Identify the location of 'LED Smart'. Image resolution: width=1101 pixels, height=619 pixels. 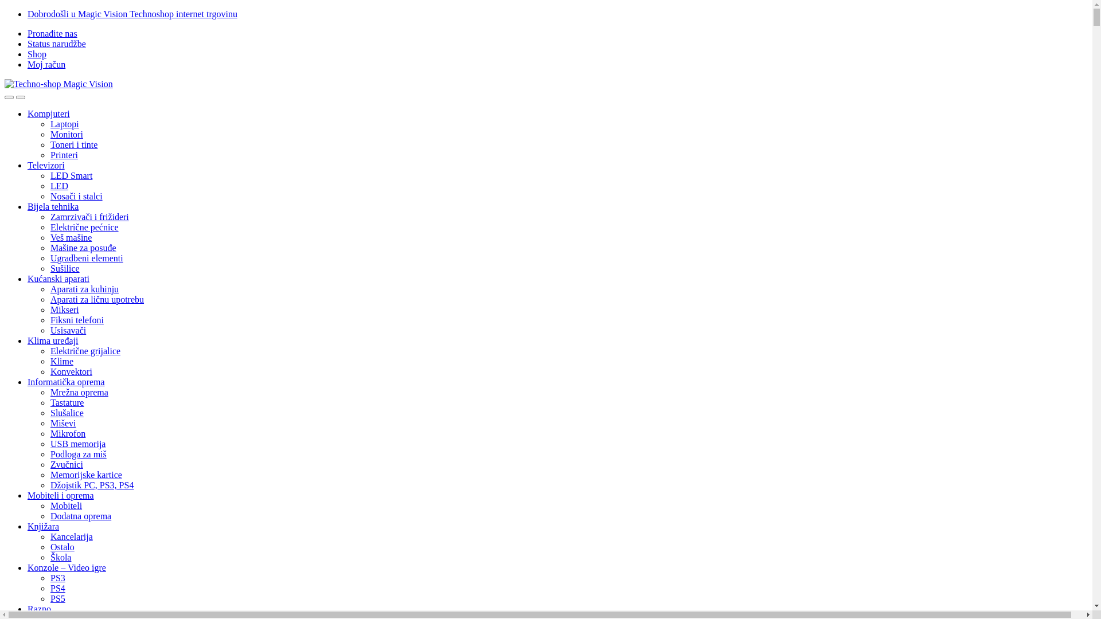
(71, 175).